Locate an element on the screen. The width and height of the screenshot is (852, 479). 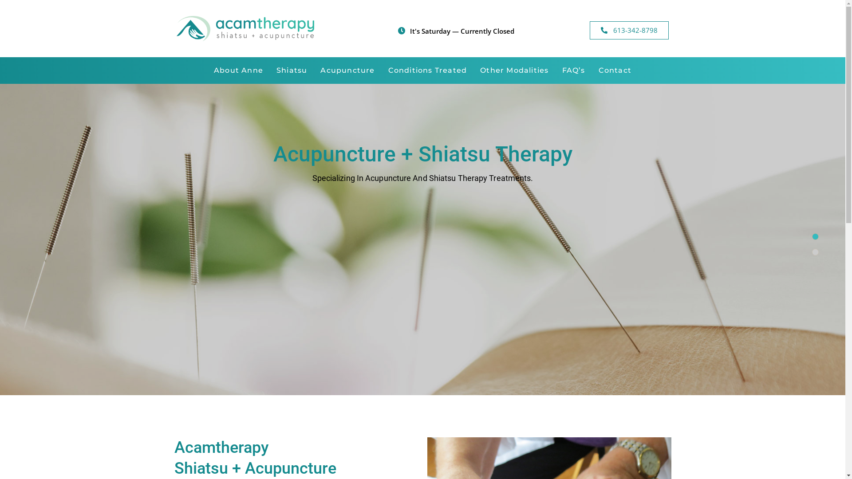
'Shiatsu' is located at coordinates (292, 70).